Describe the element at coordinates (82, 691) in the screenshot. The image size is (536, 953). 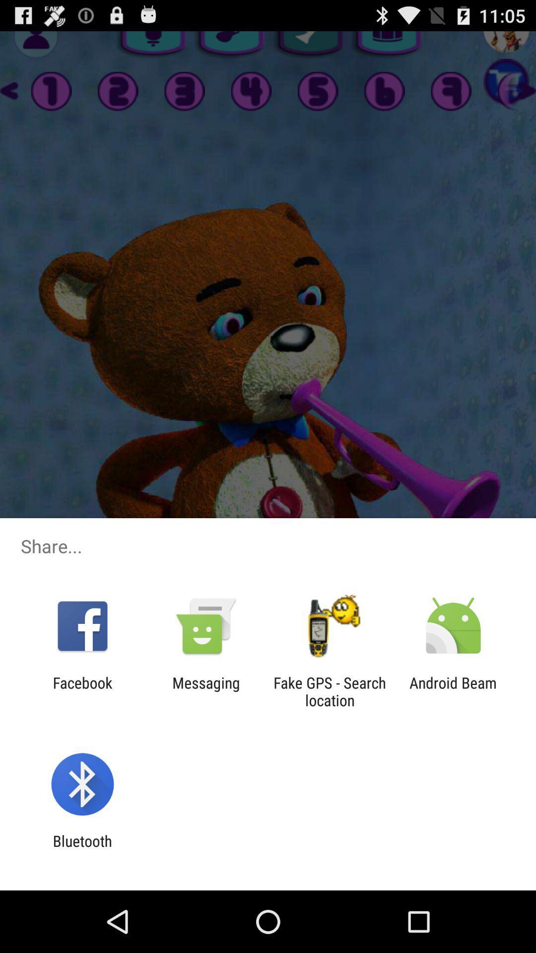
I see `the facebook item` at that location.